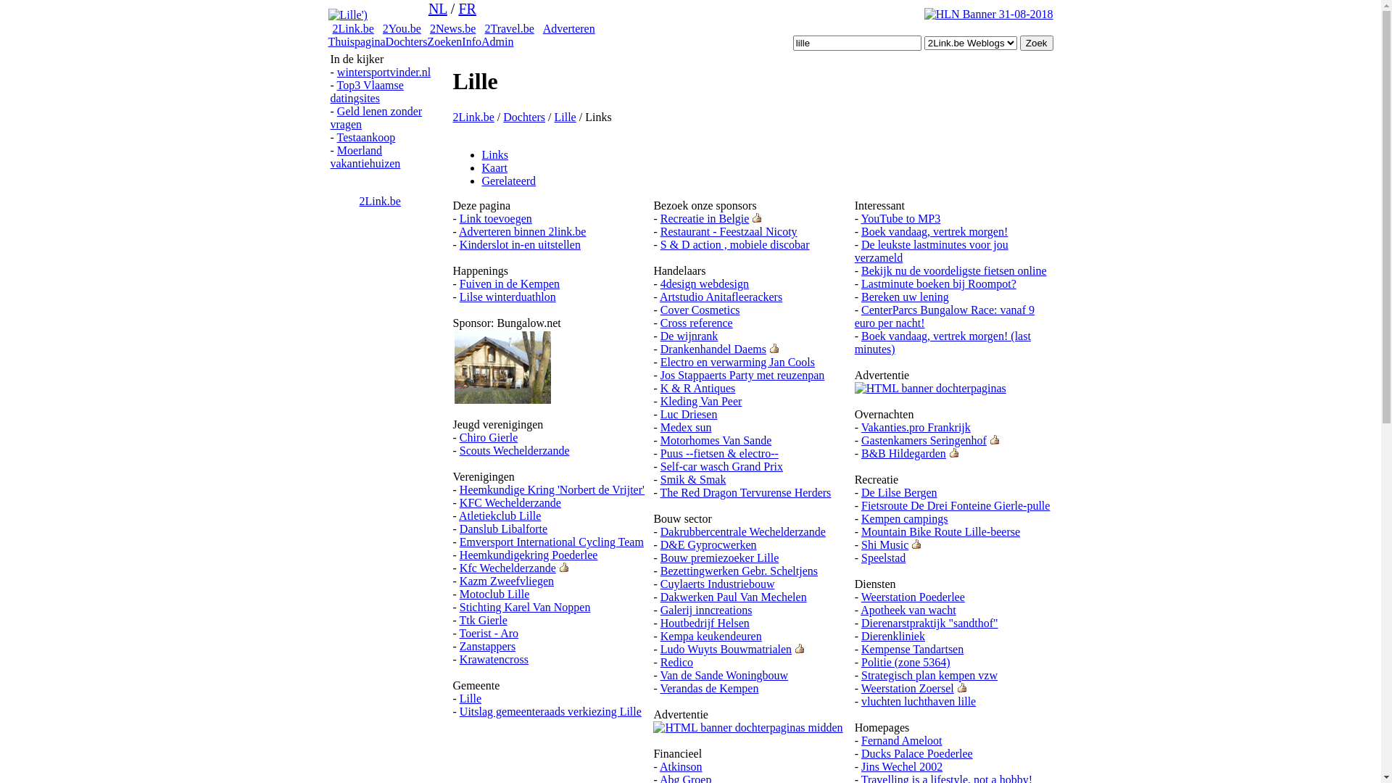  What do you see at coordinates (688, 414) in the screenshot?
I see `'Luc Driesen'` at bounding box center [688, 414].